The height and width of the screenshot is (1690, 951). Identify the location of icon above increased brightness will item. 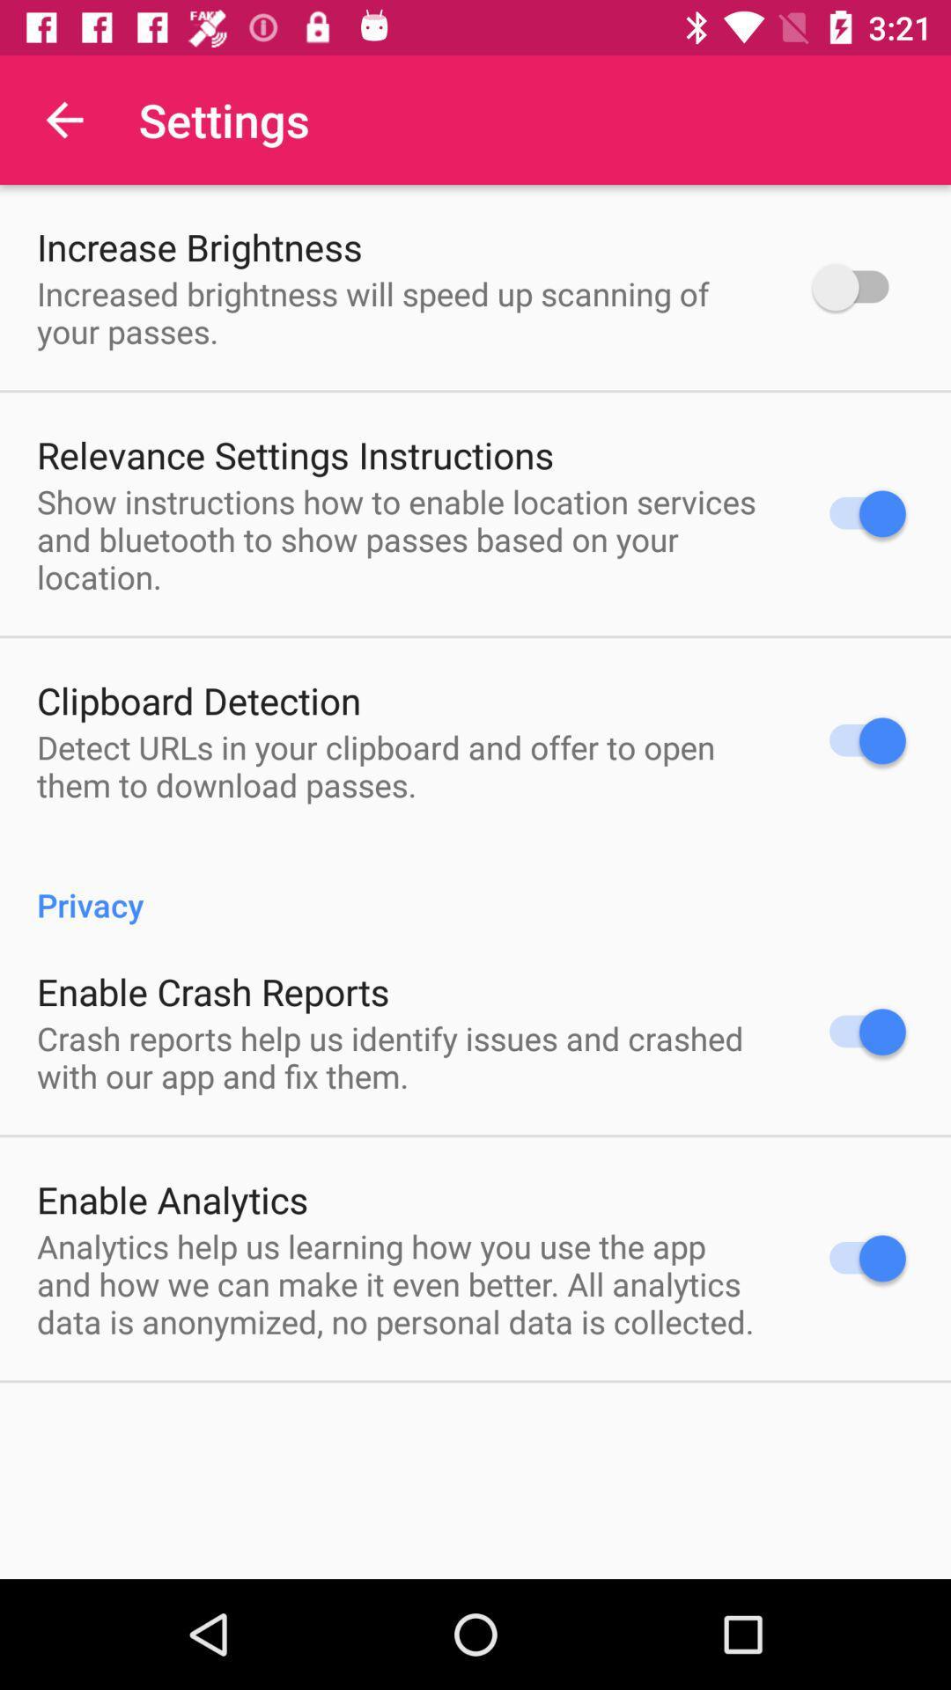
(198, 246).